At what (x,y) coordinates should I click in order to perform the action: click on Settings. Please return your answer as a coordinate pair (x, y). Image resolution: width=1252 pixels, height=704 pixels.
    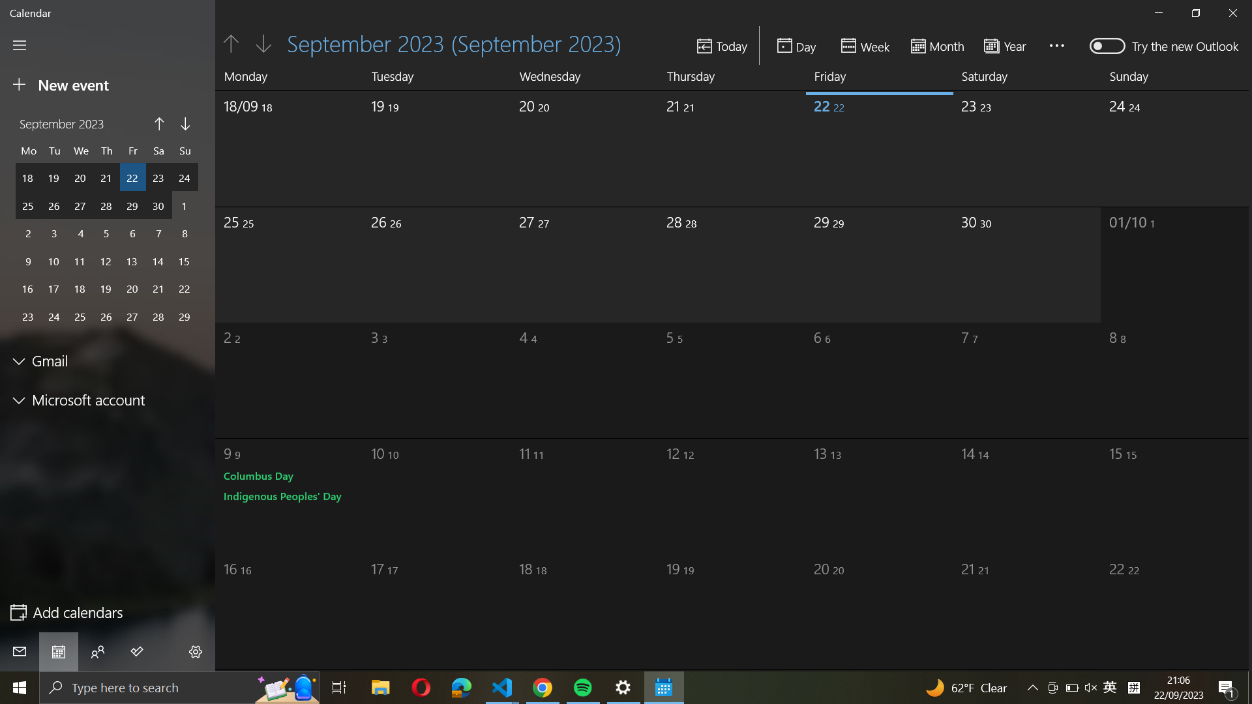
    Looking at the image, I should click on (196, 653).